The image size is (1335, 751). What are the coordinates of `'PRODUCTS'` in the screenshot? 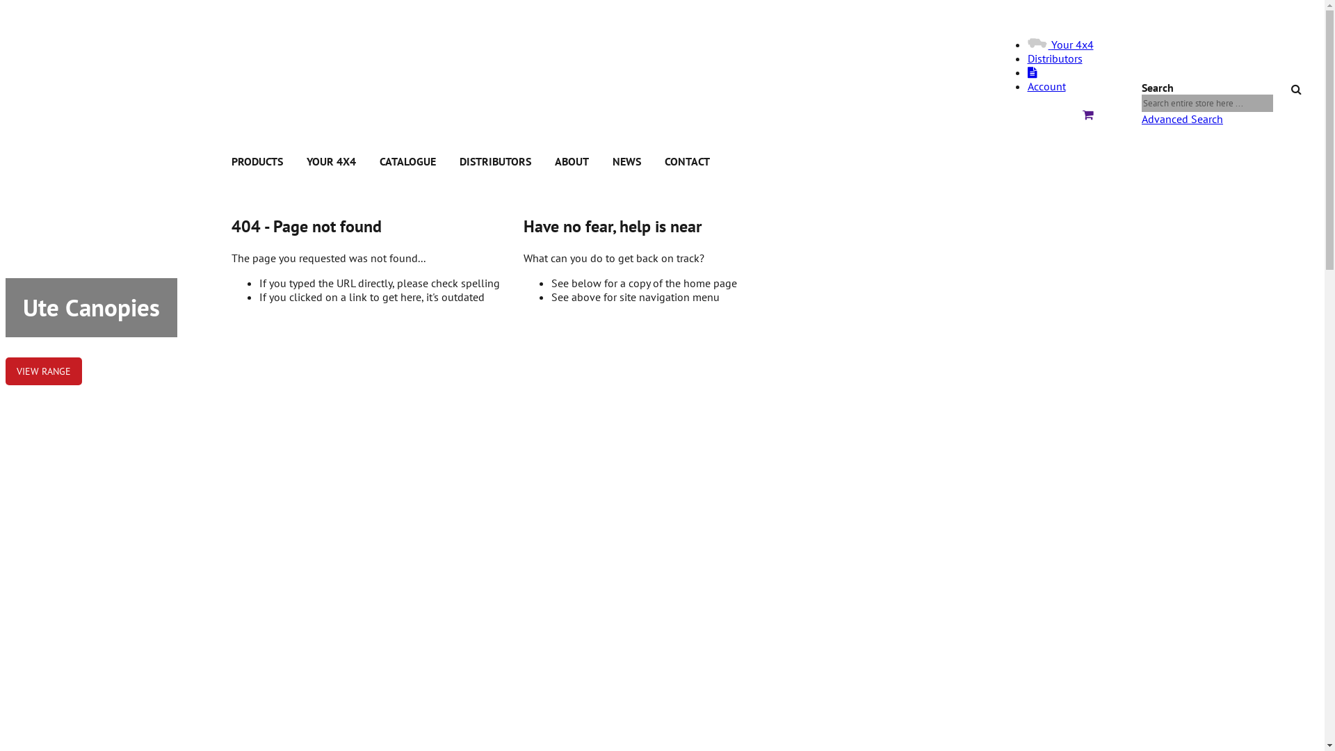 It's located at (257, 161).